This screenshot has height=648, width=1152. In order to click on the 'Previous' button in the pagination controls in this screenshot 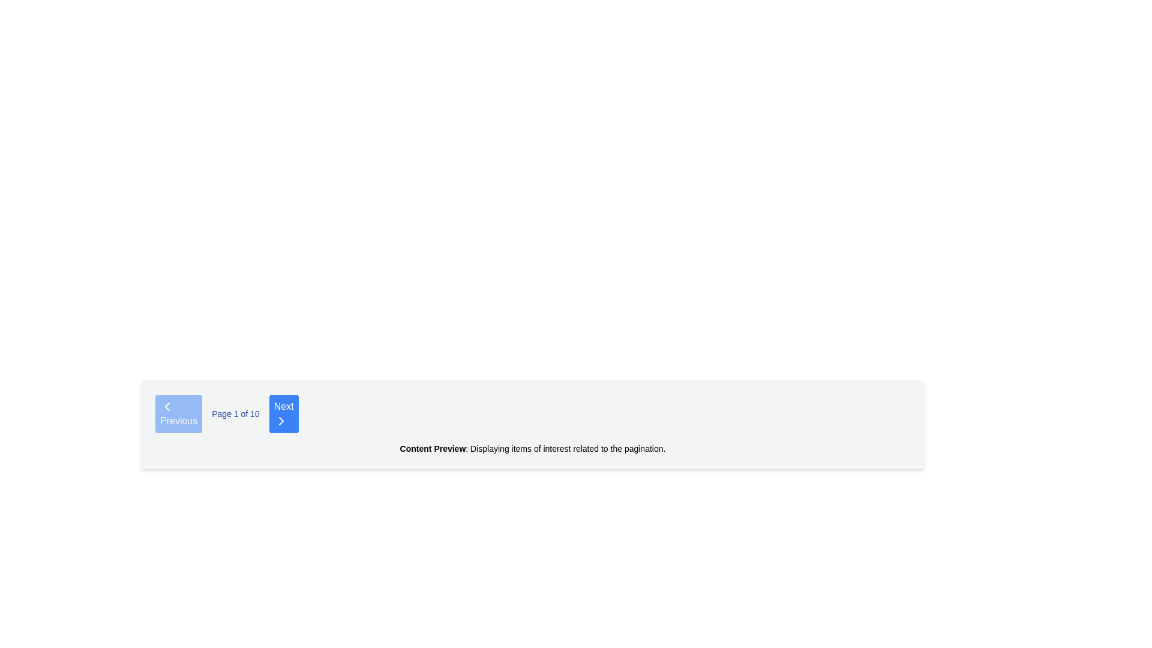, I will do `click(178, 413)`.